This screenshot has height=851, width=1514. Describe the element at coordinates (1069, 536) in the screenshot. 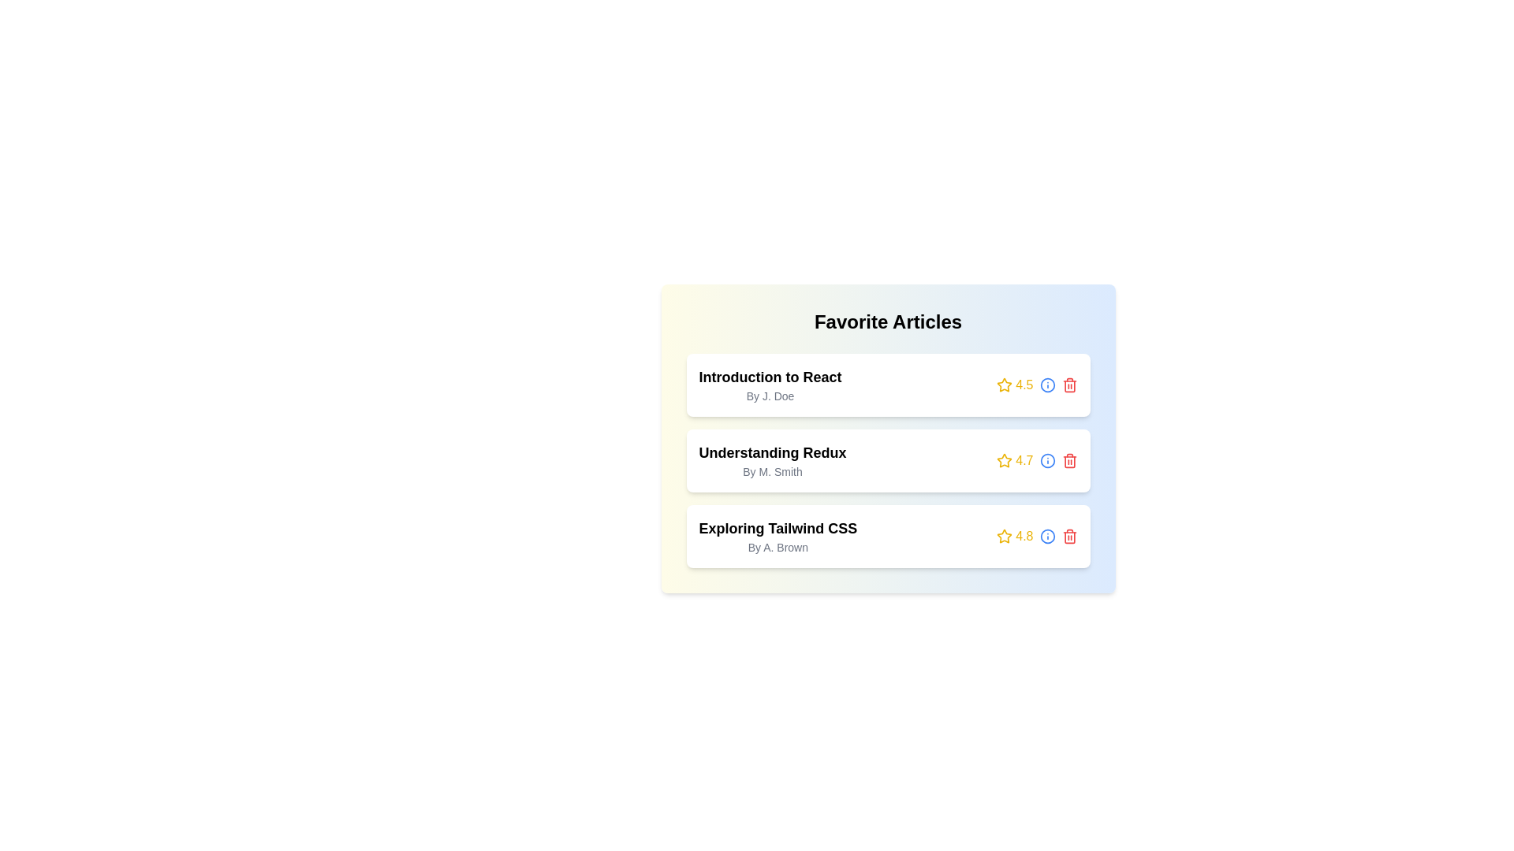

I see `'trash' icon to remove the article titled 'Exploring Tailwind CSS'` at that location.